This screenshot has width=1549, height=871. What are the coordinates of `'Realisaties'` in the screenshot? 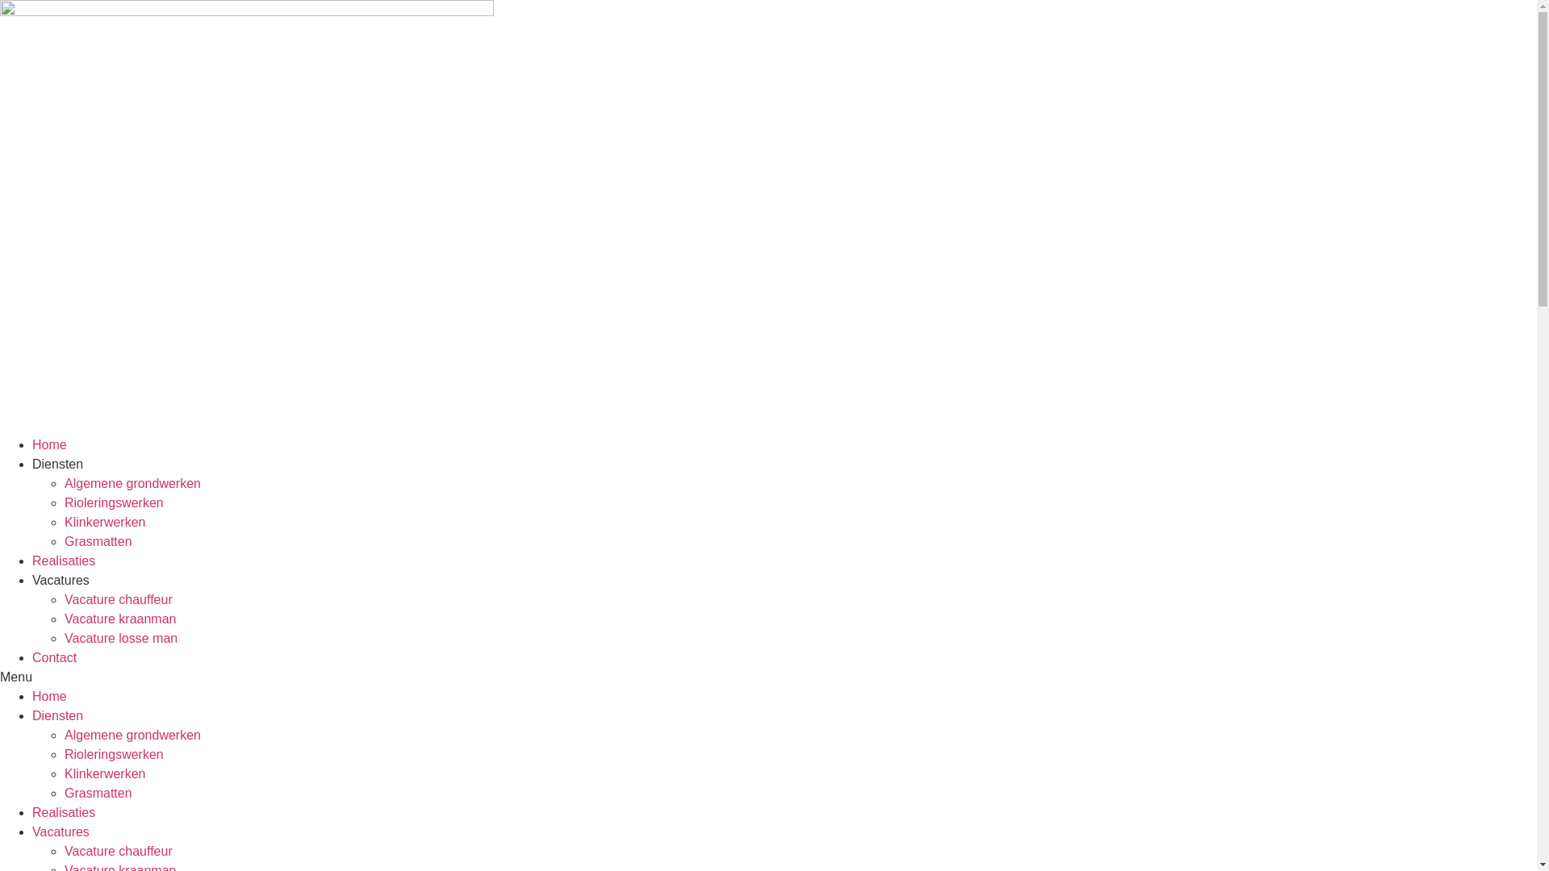 It's located at (63, 812).